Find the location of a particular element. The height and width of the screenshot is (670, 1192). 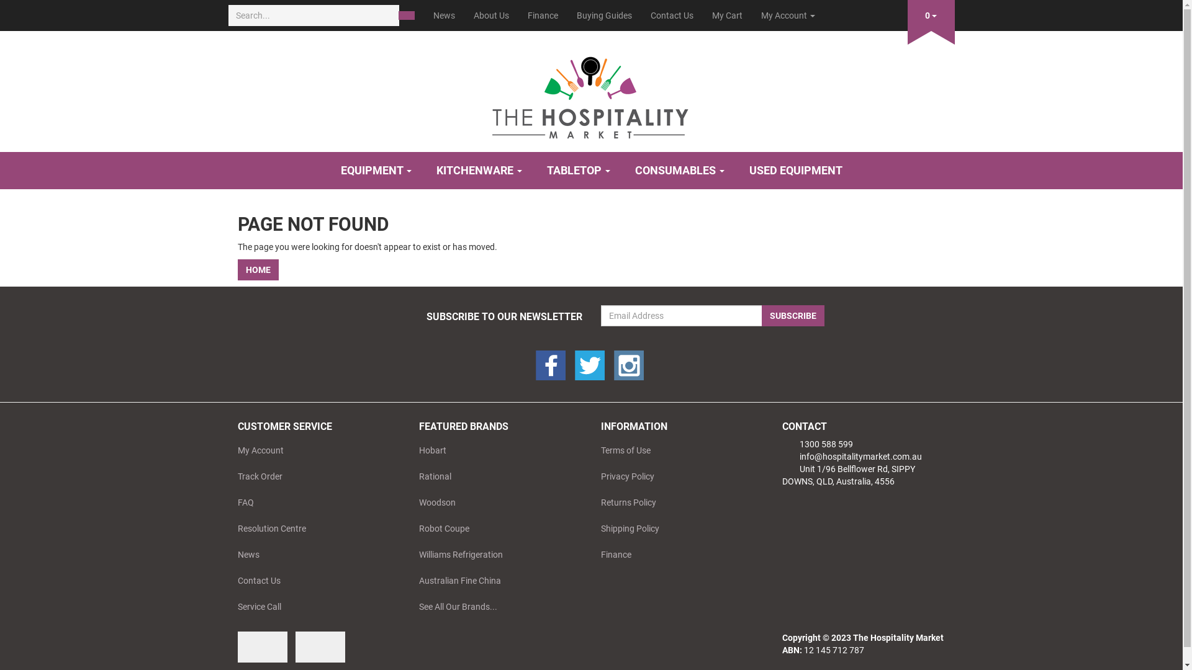

'Contact Us' is located at coordinates (228, 581).